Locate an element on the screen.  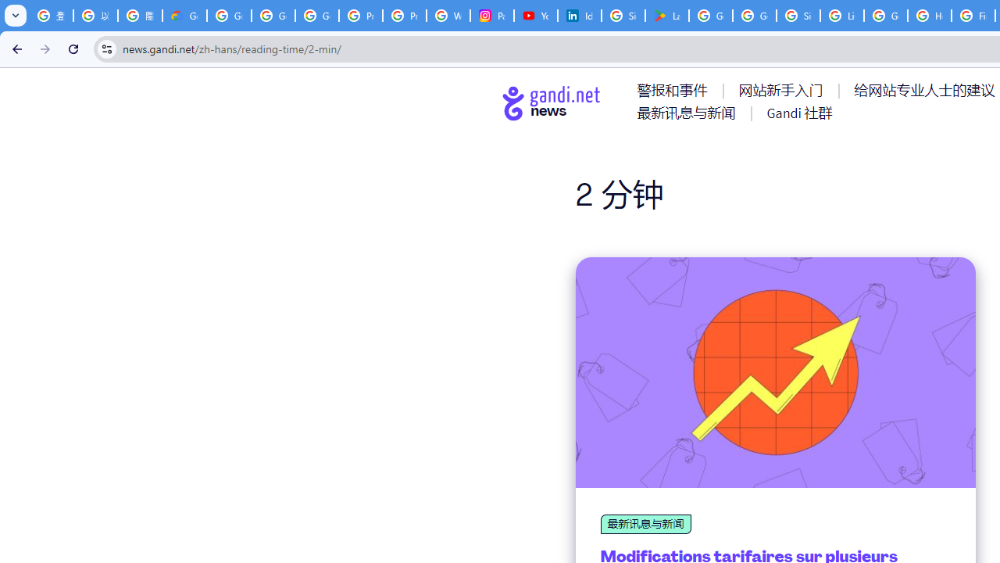
'AutomationID: menu-item-77767' is located at coordinates (799, 112).